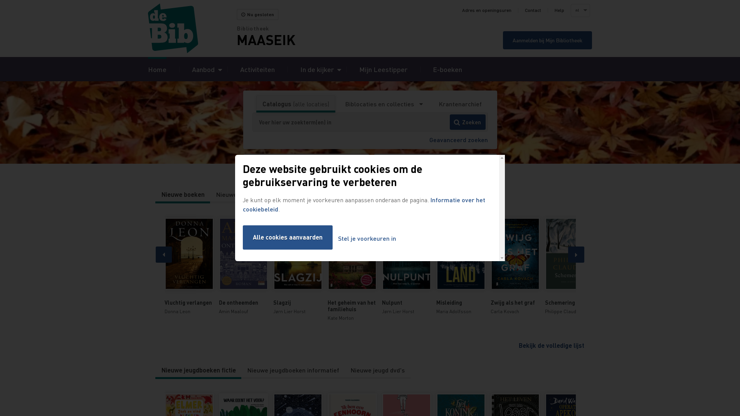 Image resolution: width=740 pixels, height=416 pixels. What do you see at coordinates (515, 266) in the screenshot?
I see `'Zwijg als het graf` at bounding box center [515, 266].